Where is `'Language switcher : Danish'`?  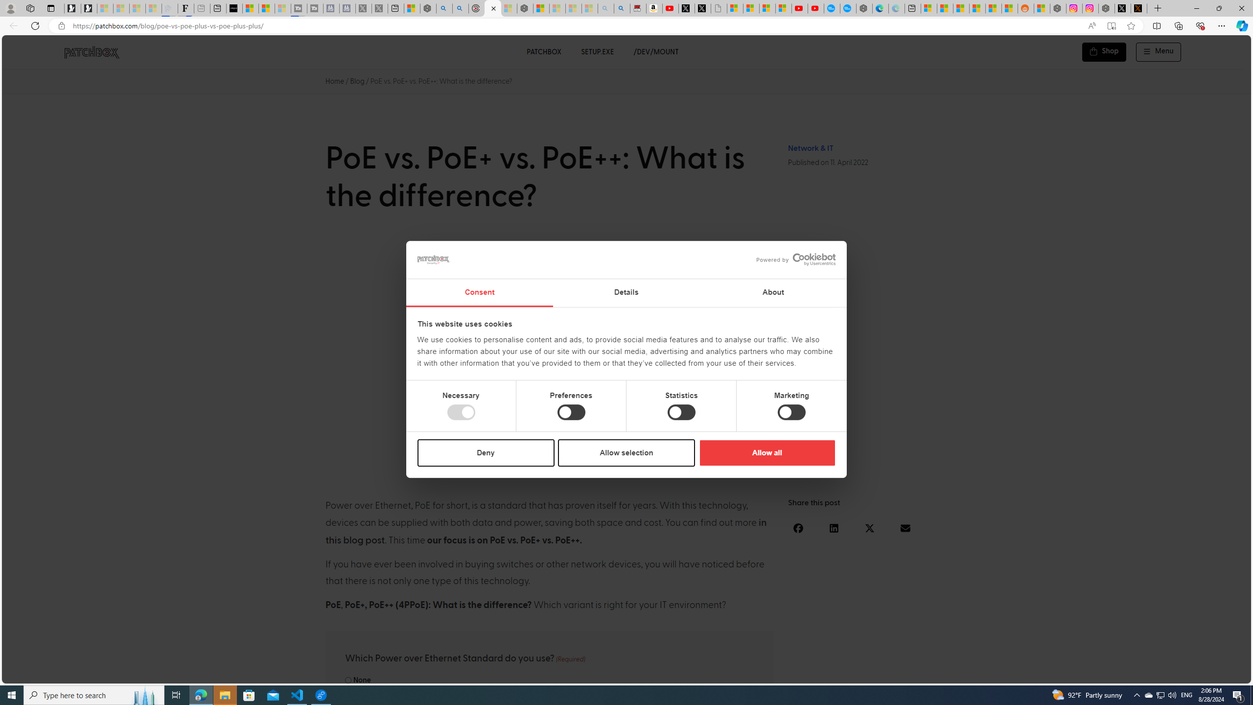
'Language switcher : Danish' is located at coordinates (1129, 674).